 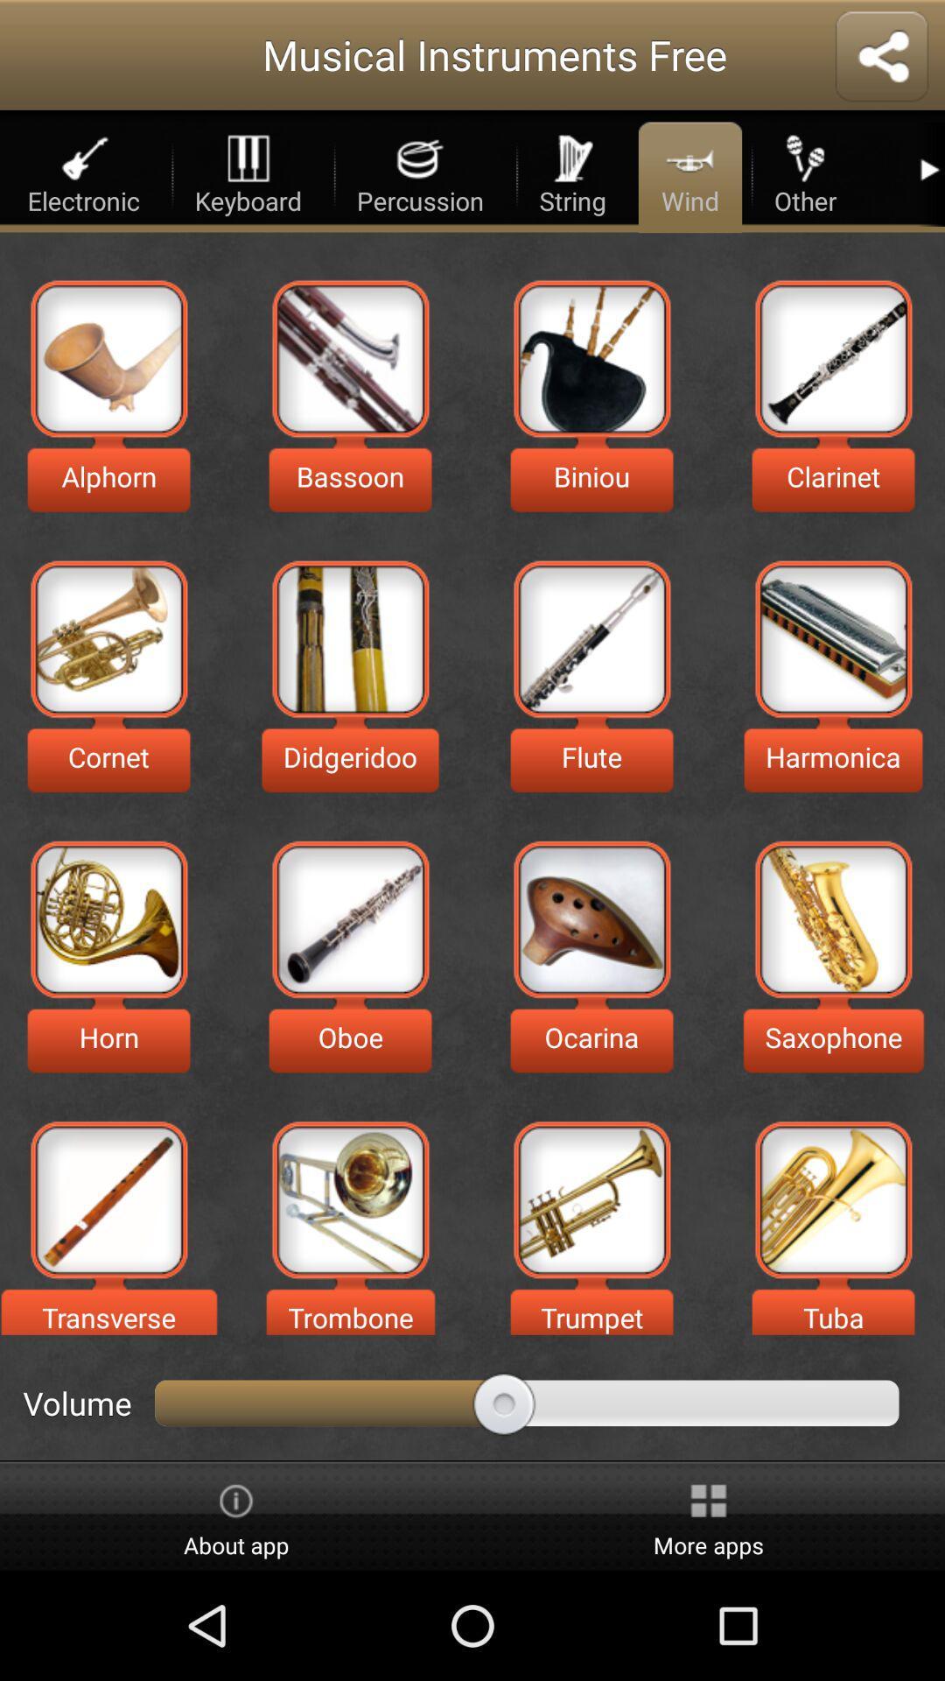 What do you see at coordinates (881, 58) in the screenshot?
I see `bluetooth icon` at bounding box center [881, 58].